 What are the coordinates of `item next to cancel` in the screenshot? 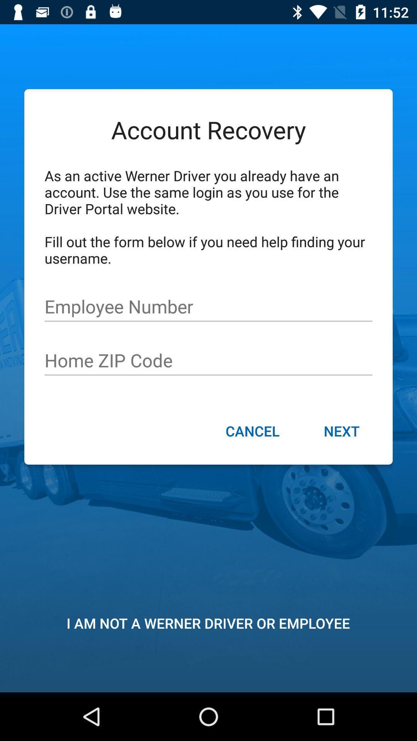 It's located at (341, 431).